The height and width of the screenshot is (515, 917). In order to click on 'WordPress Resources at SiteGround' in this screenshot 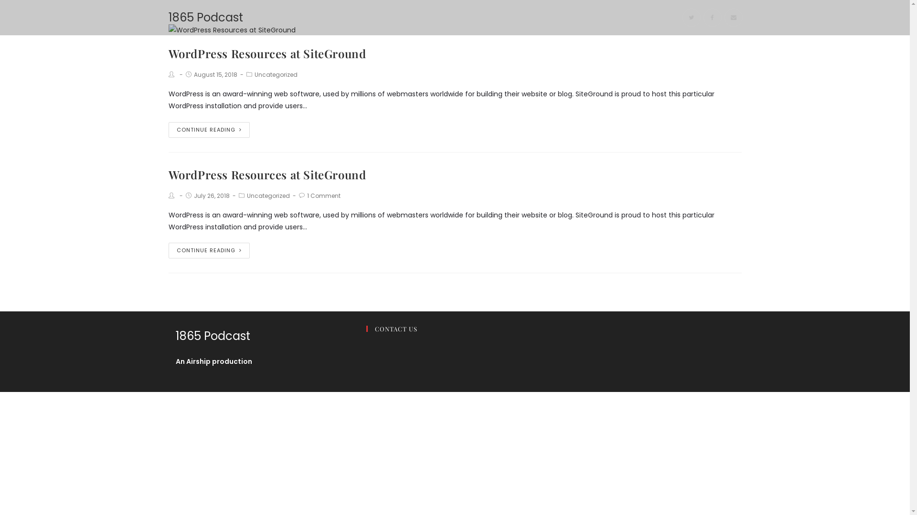, I will do `click(267, 175)`.